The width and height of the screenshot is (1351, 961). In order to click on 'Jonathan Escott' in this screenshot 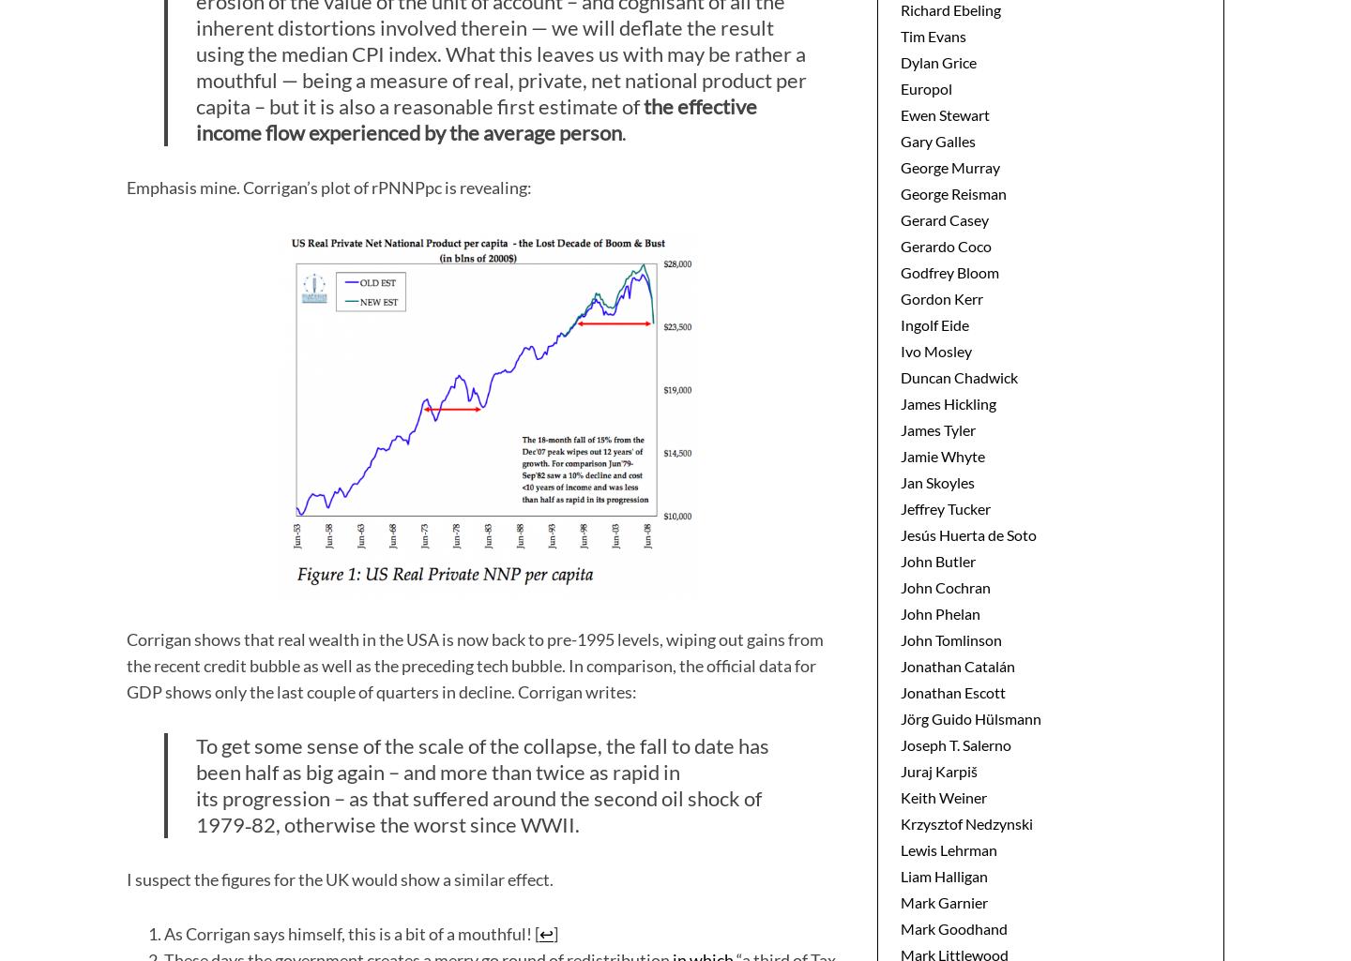, I will do `click(952, 690)`.